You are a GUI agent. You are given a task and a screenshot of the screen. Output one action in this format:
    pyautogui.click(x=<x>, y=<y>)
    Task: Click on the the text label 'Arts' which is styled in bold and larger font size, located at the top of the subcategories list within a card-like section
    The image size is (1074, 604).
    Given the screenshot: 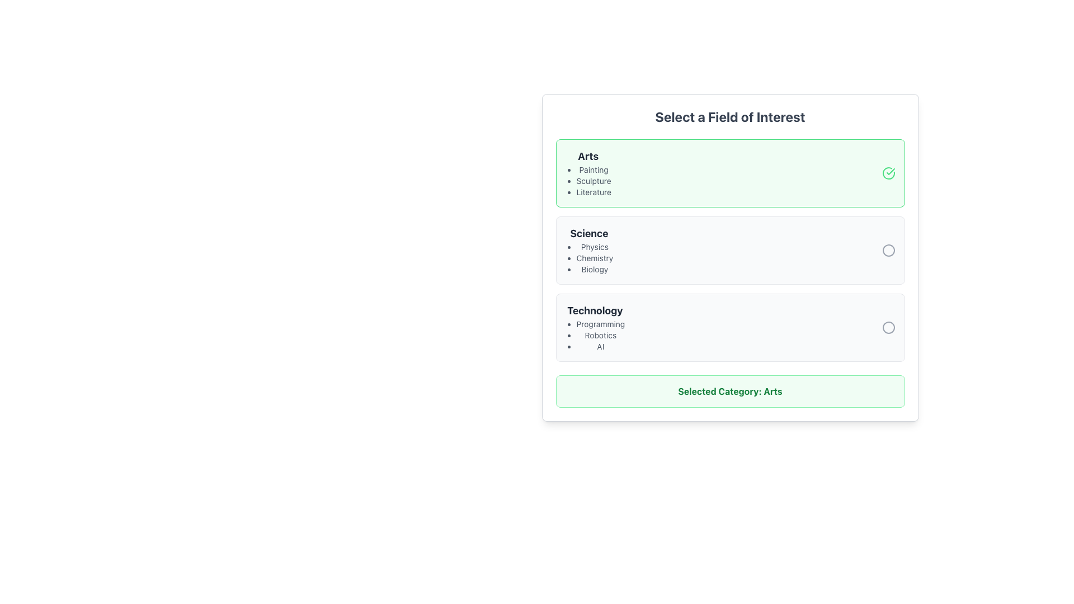 What is the action you would take?
    pyautogui.click(x=587, y=157)
    